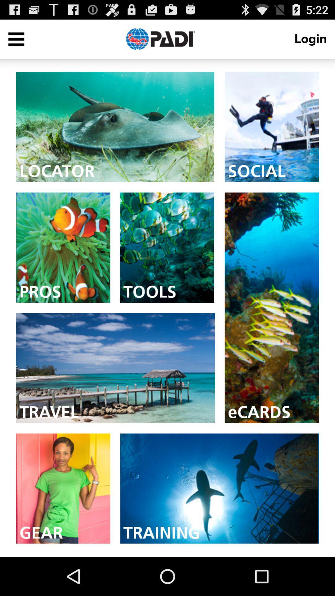 The image size is (335, 596). I want to click on link to ecards option, so click(271, 308).